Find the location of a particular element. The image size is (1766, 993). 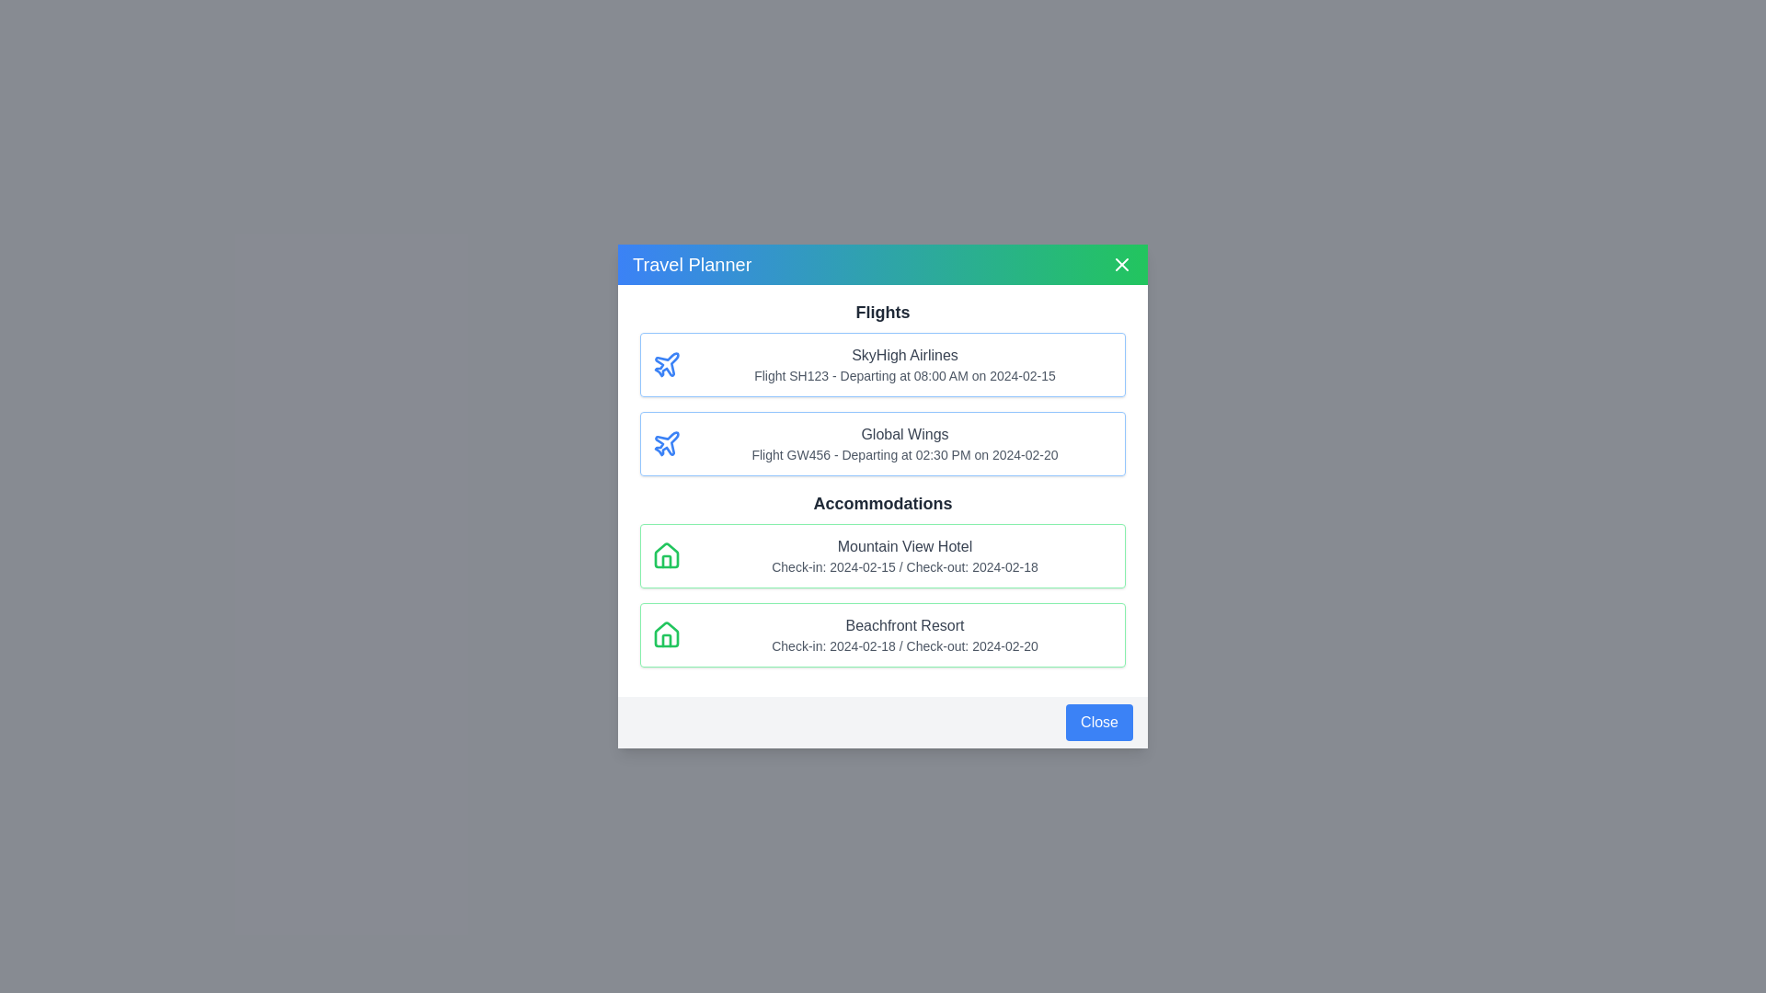

the 'Travel Planner' static text label displayed in a bold and large font at the center of the header area of the dialog box is located at coordinates (691, 265).